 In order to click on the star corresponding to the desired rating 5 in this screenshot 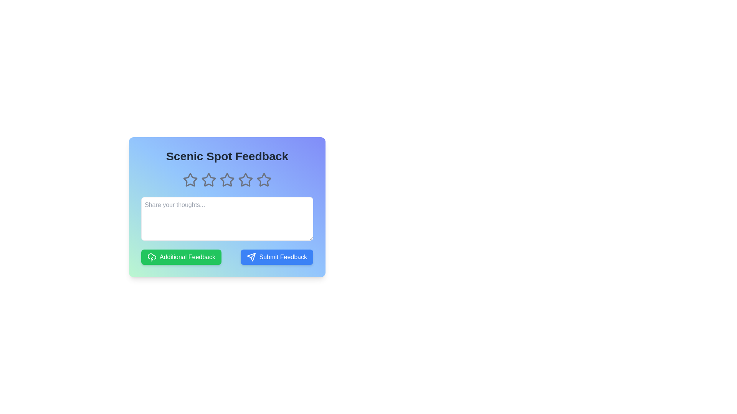, I will do `click(264, 180)`.